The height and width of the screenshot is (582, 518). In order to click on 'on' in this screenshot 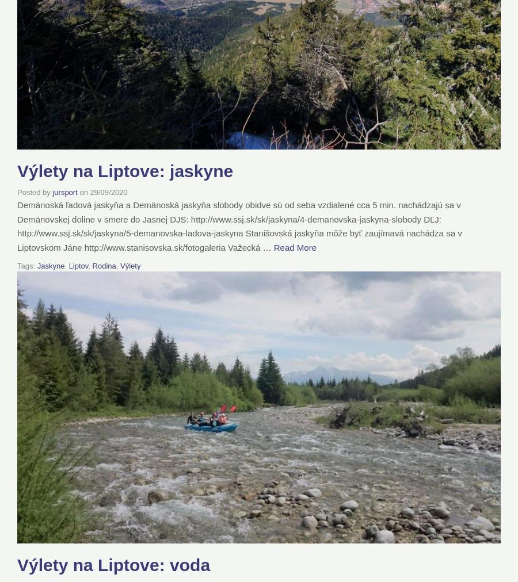, I will do `click(83, 192)`.